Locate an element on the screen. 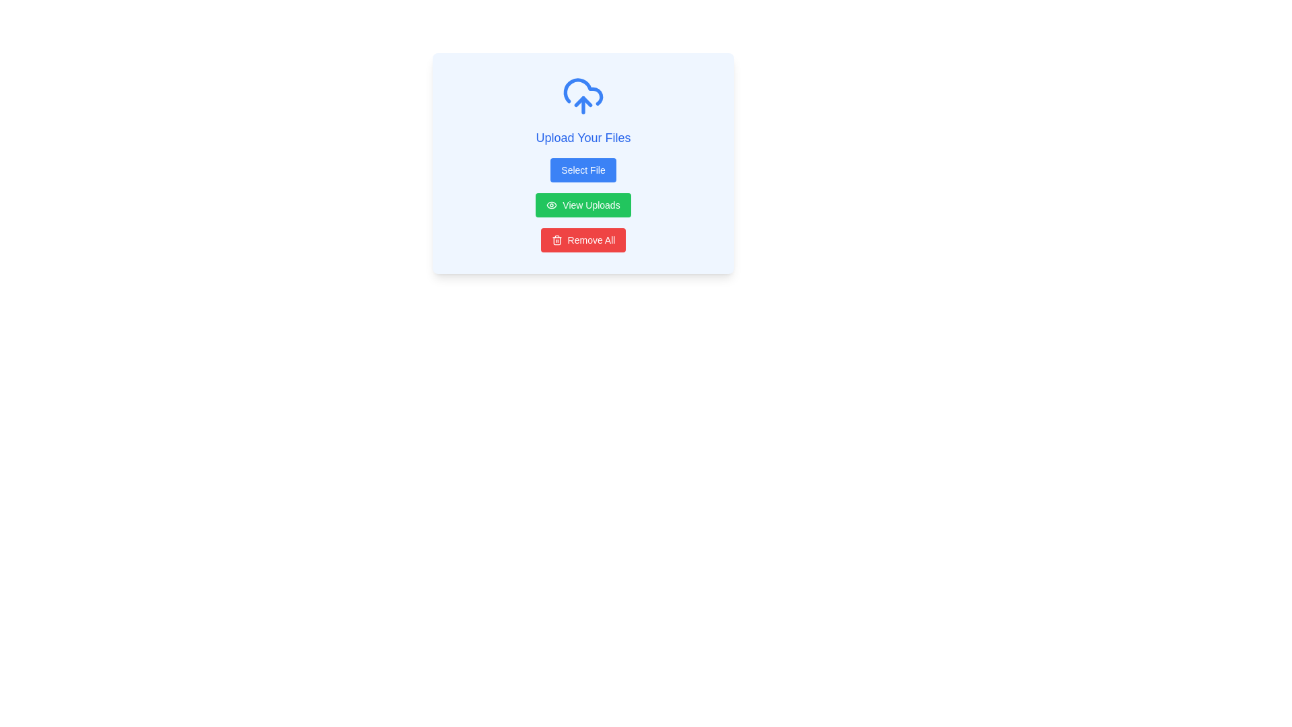  the eye-shaped decorative icon on the left side of the 'View Uploads' button in the centered modal is located at coordinates (552, 205).